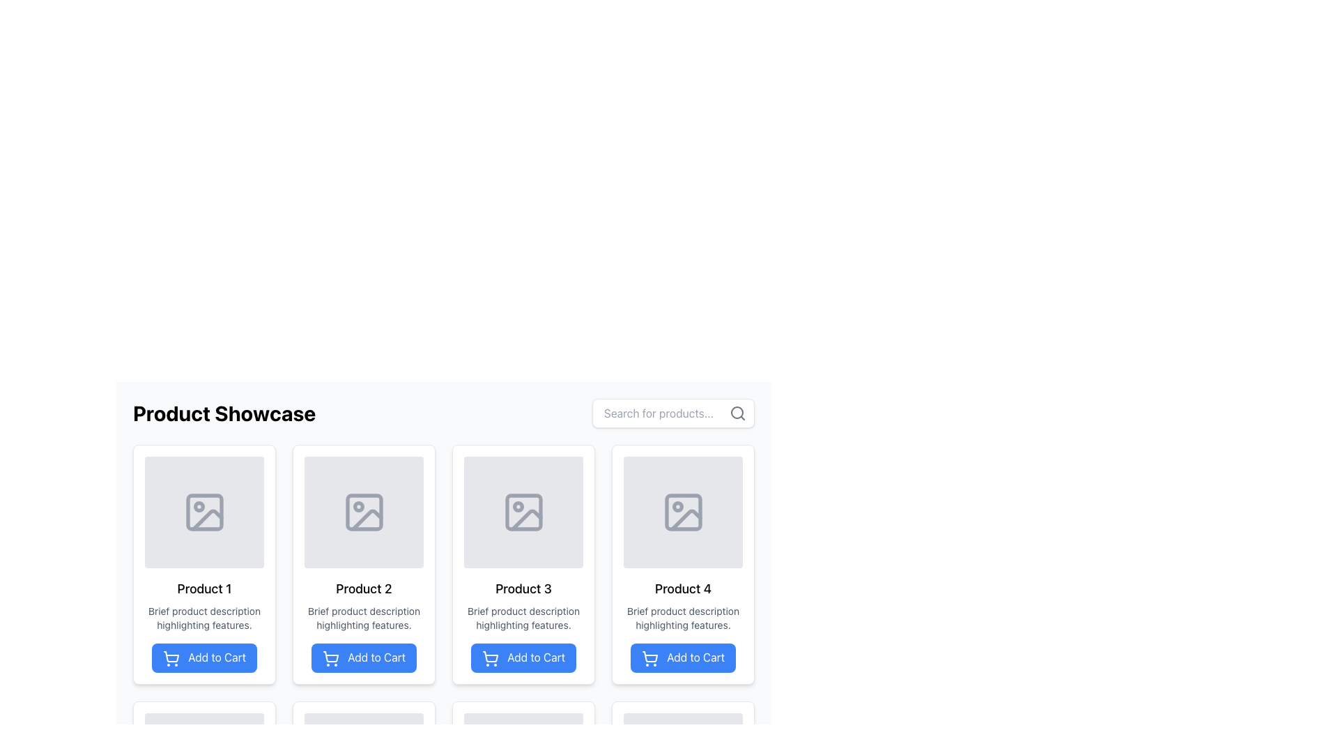  I want to click on the blue rectangular button labeled 'Add to Cart' located beneath the product description of 'Product 1', so click(203, 657).